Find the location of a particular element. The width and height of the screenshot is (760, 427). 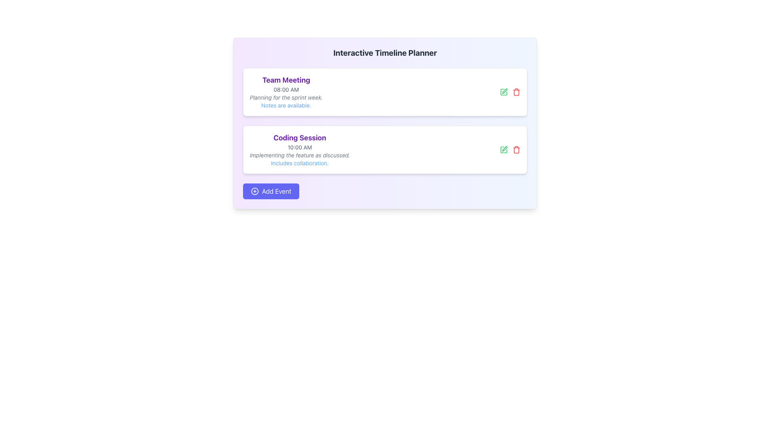

the static label that reads 'Planning for the sprint week.' styled in gray italicized font, located below '08:00 AM' and above 'Notes are available.' is located at coordinates (286, 97).